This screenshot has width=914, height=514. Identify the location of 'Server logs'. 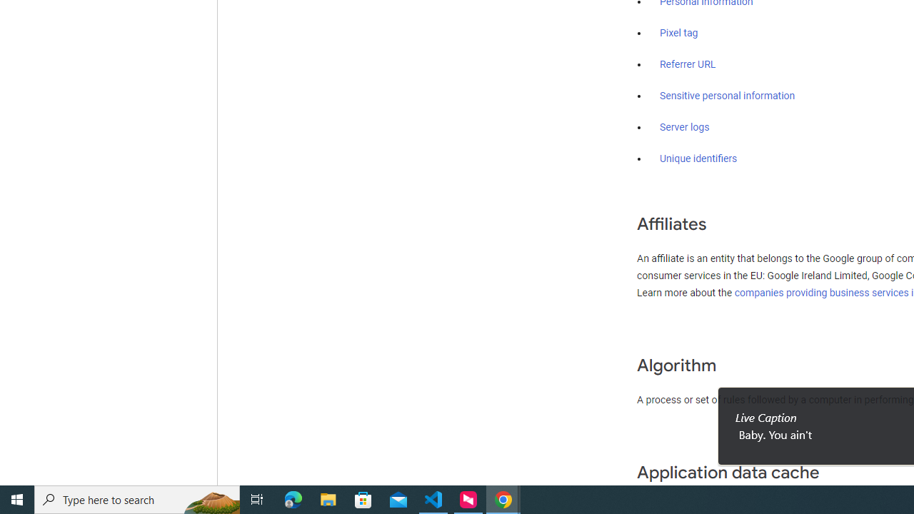
(684, 126).